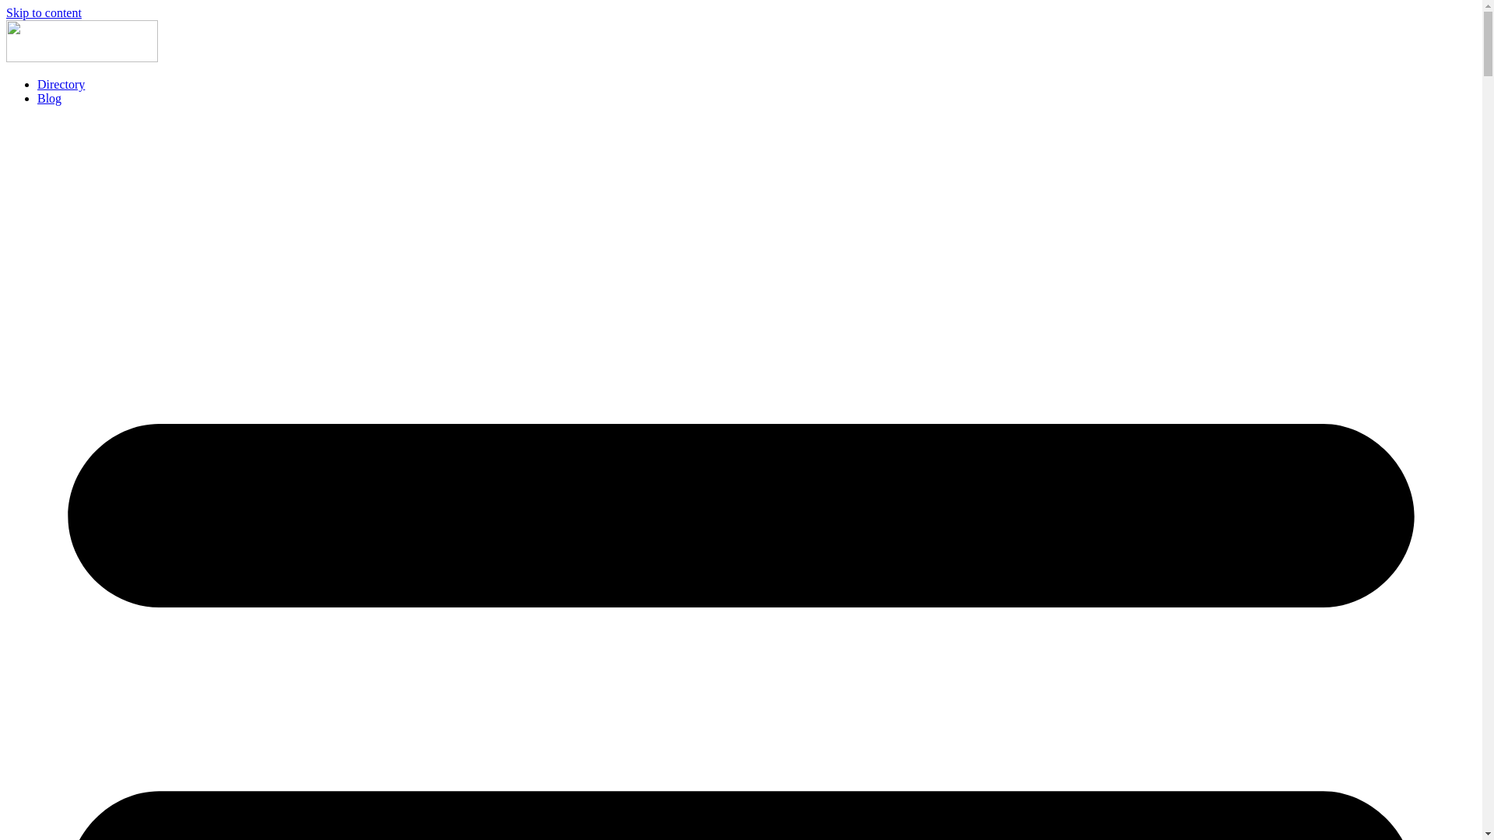 This screenshot has width=1494, height=840. Describe the element at coordinates (6, 12) in the screenshot. I see `'Skip to content'` at that location.